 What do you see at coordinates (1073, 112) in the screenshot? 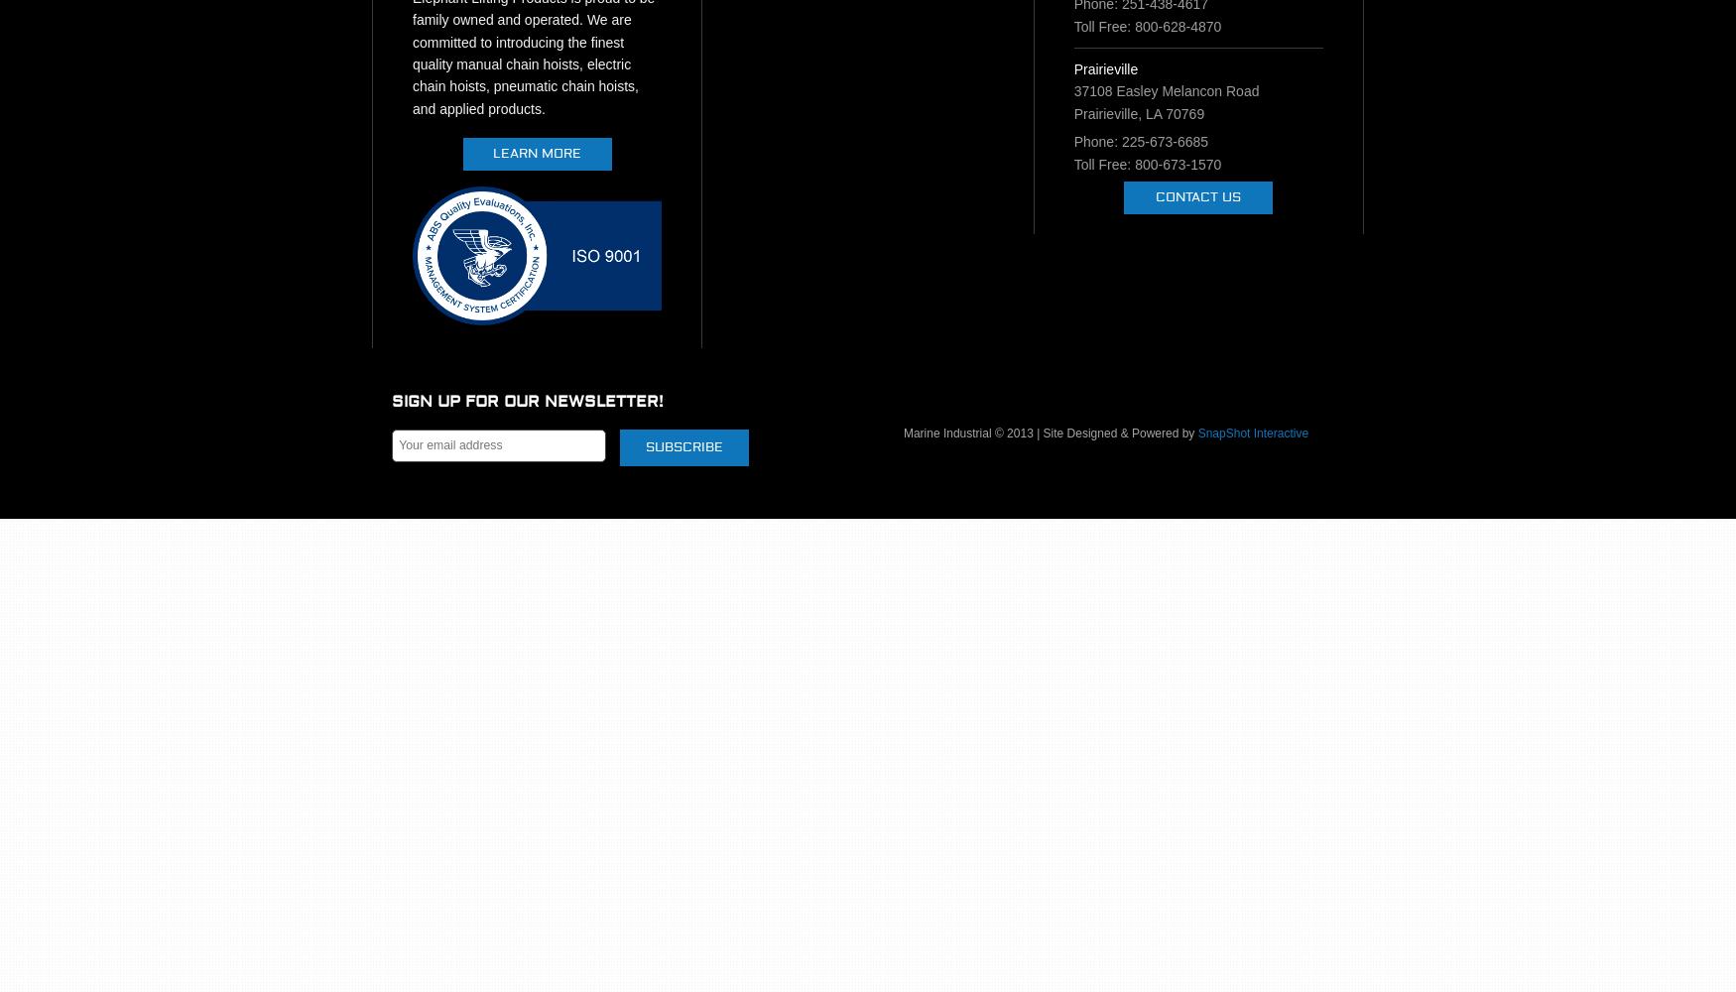
I see `'Prairieville, LA 70769'` at bounding box center [1073, 112].